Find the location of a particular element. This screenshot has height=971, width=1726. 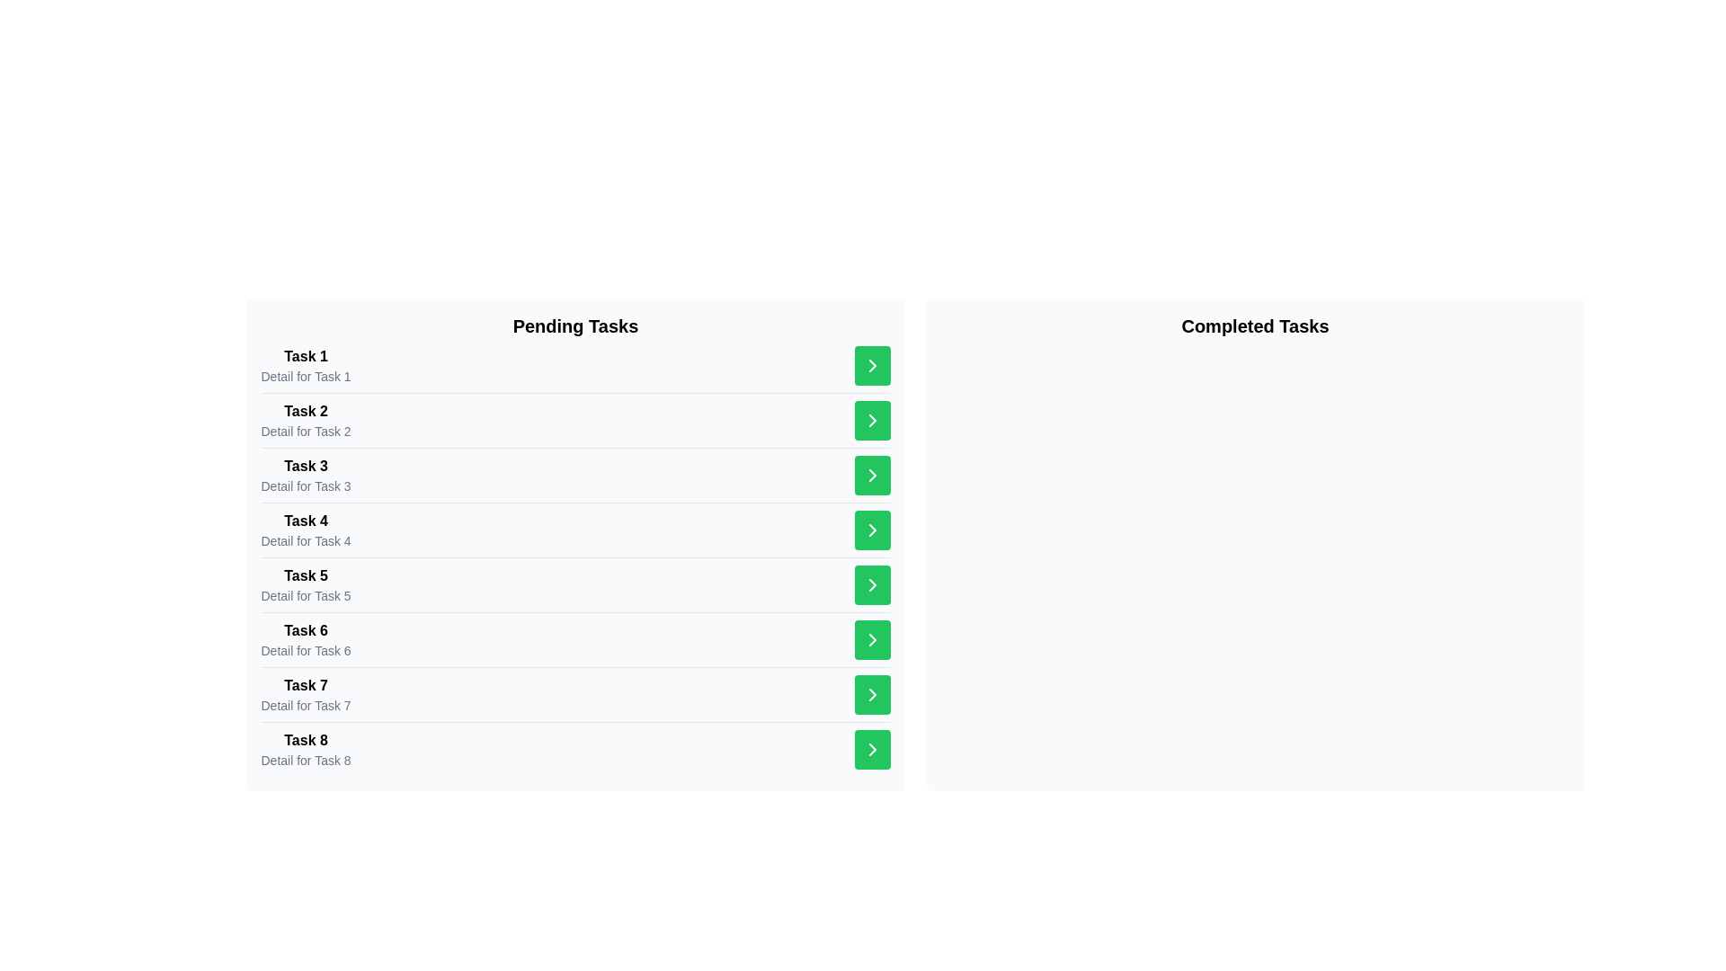

the clickable button containing the Chevron icon for 'Task 3' in the 'Pending Tasks' section is located at coordinates (872, 420).